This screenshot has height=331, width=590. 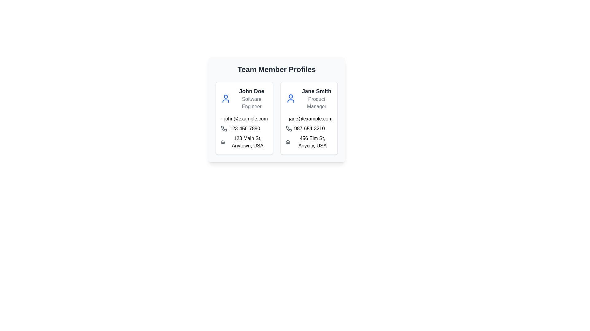 What do you see at coordinates (309, 98) in the screenshot?
I see `the text block displaying 'Jane Smith', which includes a user icon and is located beneath the title 'Team Member Profiles'` at bounding box center [309, 98].